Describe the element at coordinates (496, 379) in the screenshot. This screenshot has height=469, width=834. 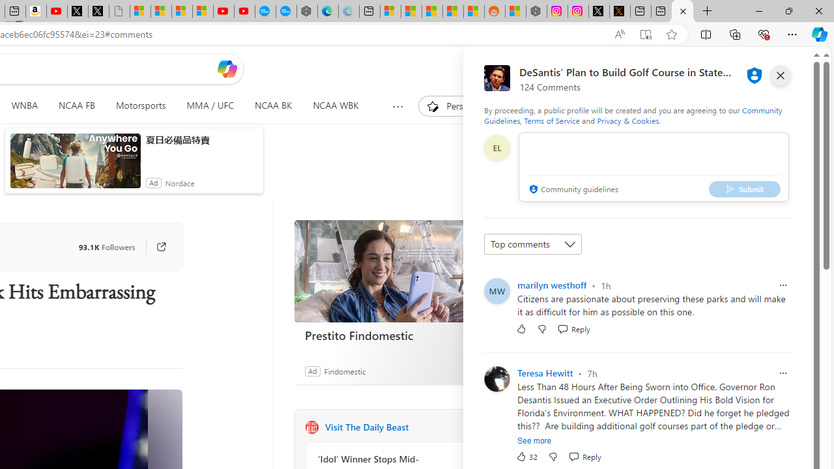
I see `'Profile Picture'` at that location.